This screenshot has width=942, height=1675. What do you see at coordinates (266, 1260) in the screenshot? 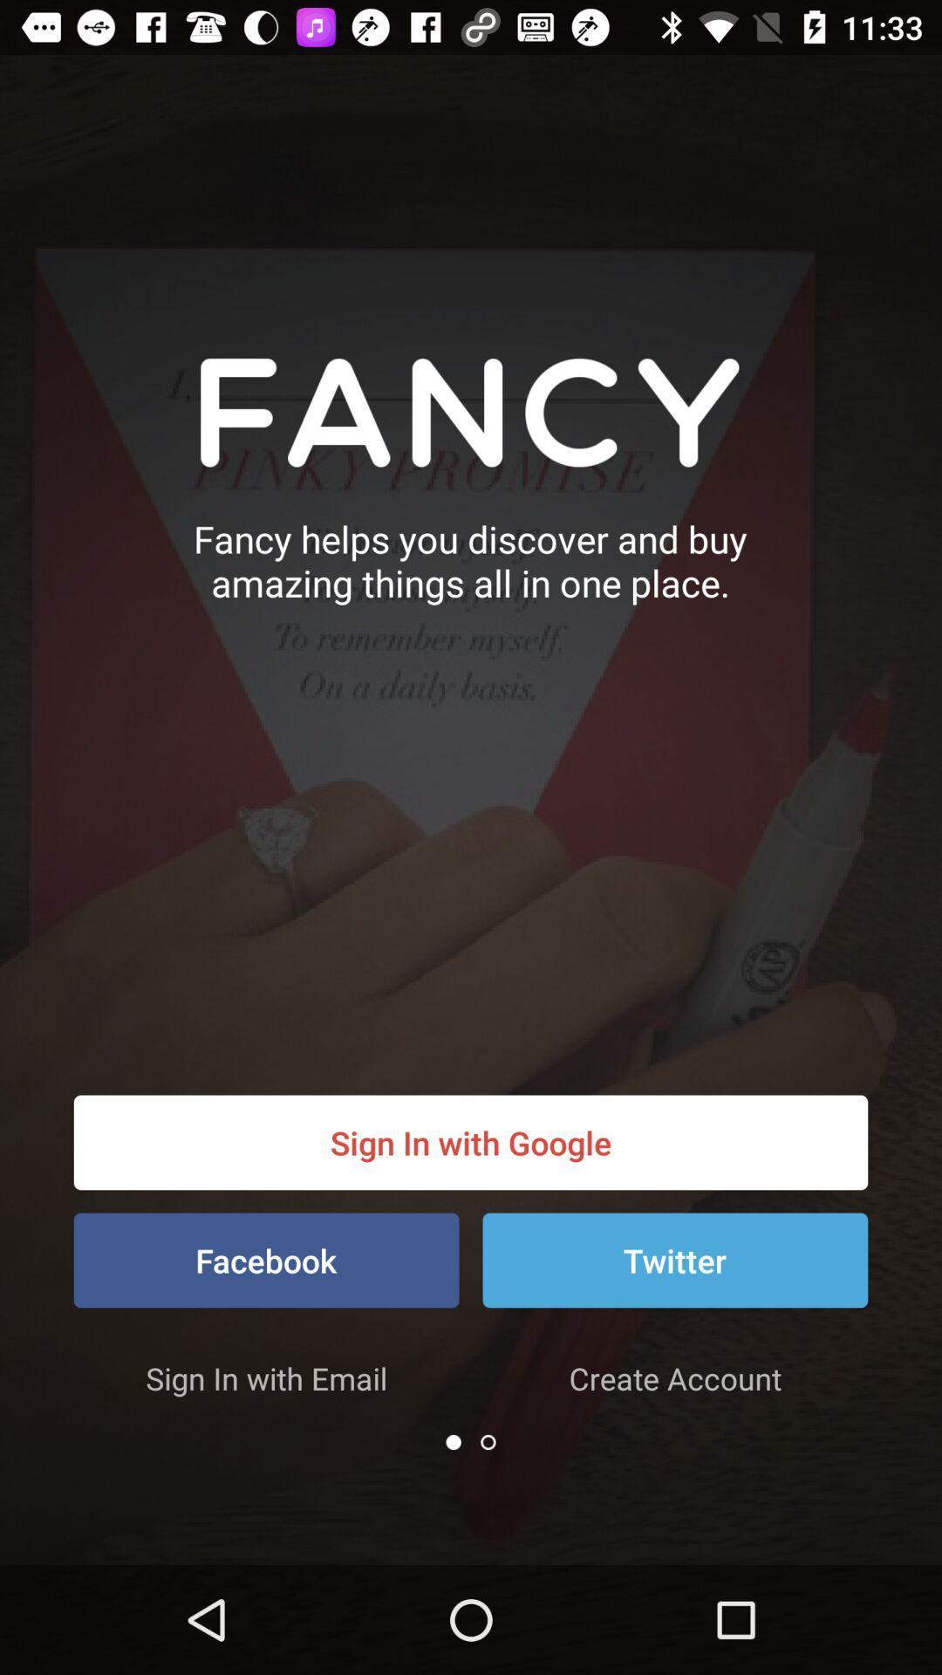
I see `the facebook` at bounding box center [266, 1260].